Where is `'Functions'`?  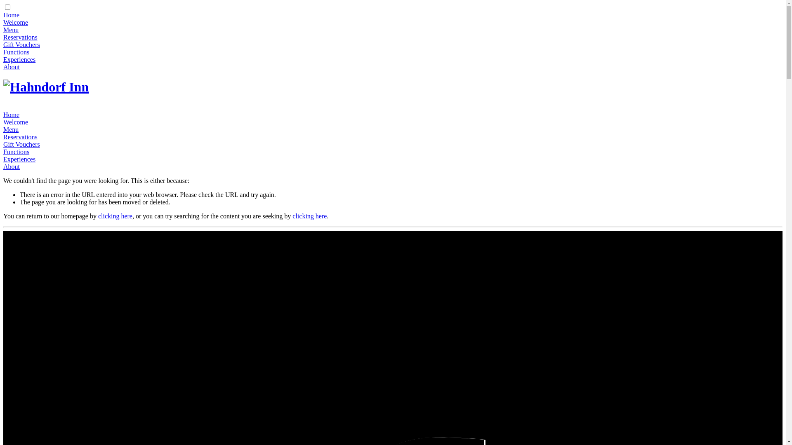
'Functions' is located at coordinates (16, 52).